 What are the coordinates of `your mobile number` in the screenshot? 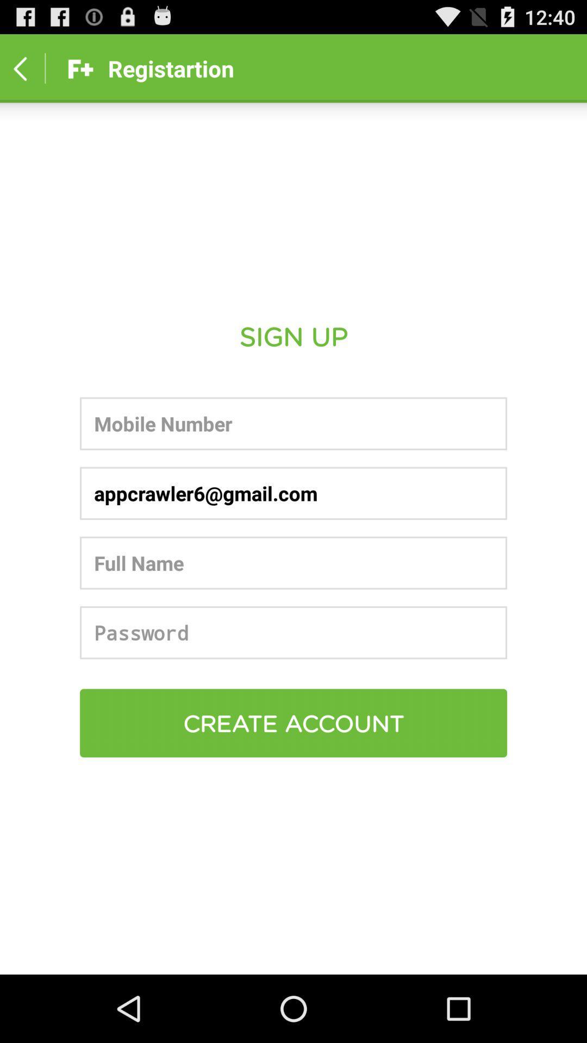 It's located at (293, 423).